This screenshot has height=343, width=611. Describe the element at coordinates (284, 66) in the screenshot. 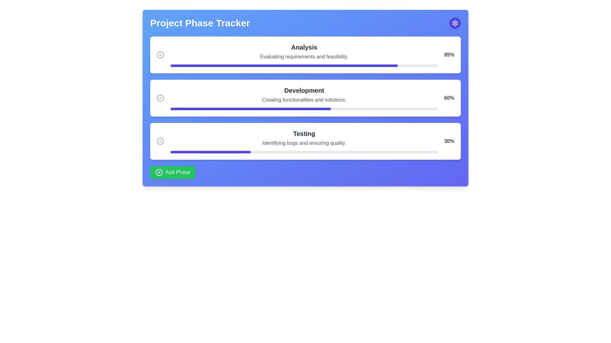

I see `the progress bar indicating the 'Analysis' phase, which is positioned at the top of the three progress bars in the interface` at that location.